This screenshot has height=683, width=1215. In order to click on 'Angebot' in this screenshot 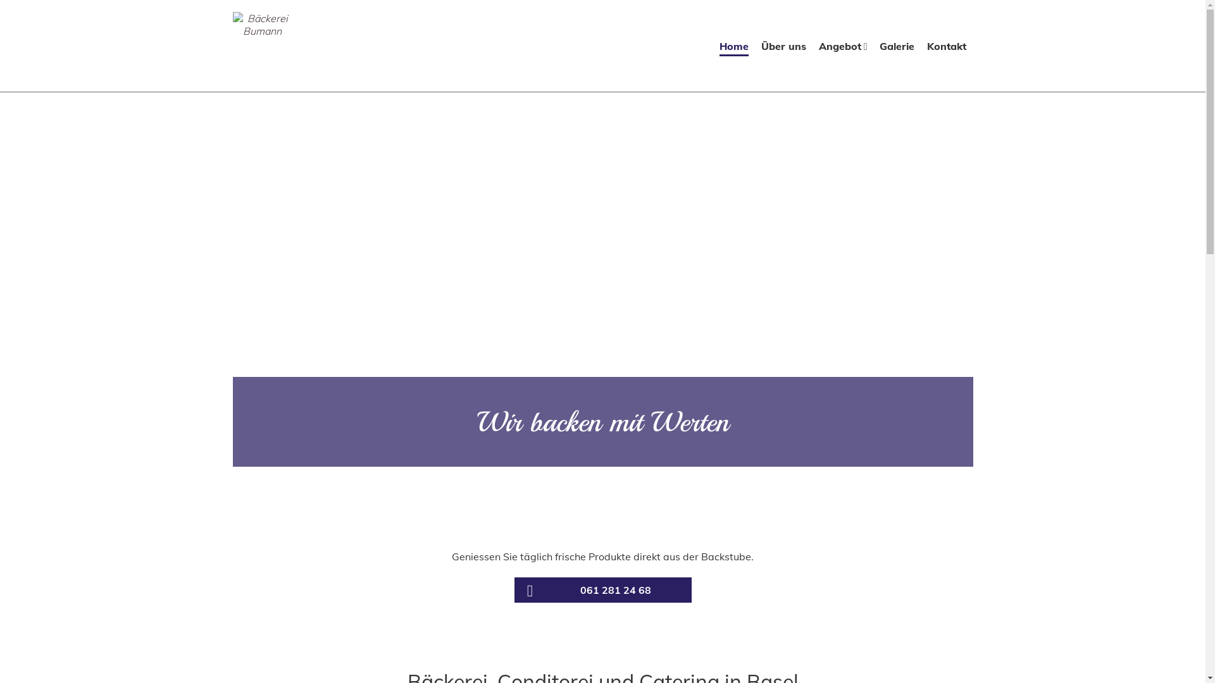, I will do `click(843, 47)`.